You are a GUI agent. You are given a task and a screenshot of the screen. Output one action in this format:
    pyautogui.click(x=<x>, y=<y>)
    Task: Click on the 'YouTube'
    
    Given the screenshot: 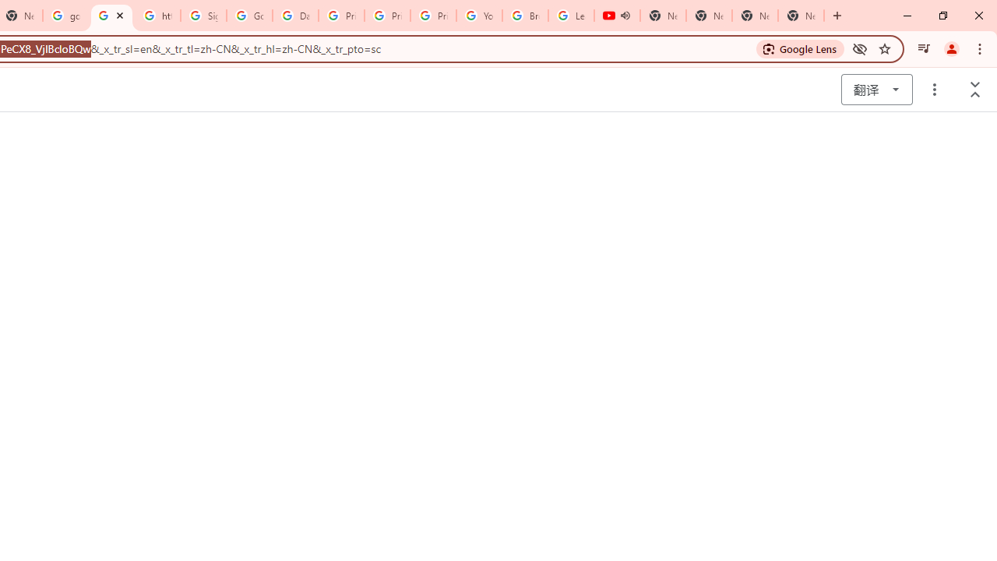 What is the action you would take?
    pyautogui.click(x=478, y=16)
    